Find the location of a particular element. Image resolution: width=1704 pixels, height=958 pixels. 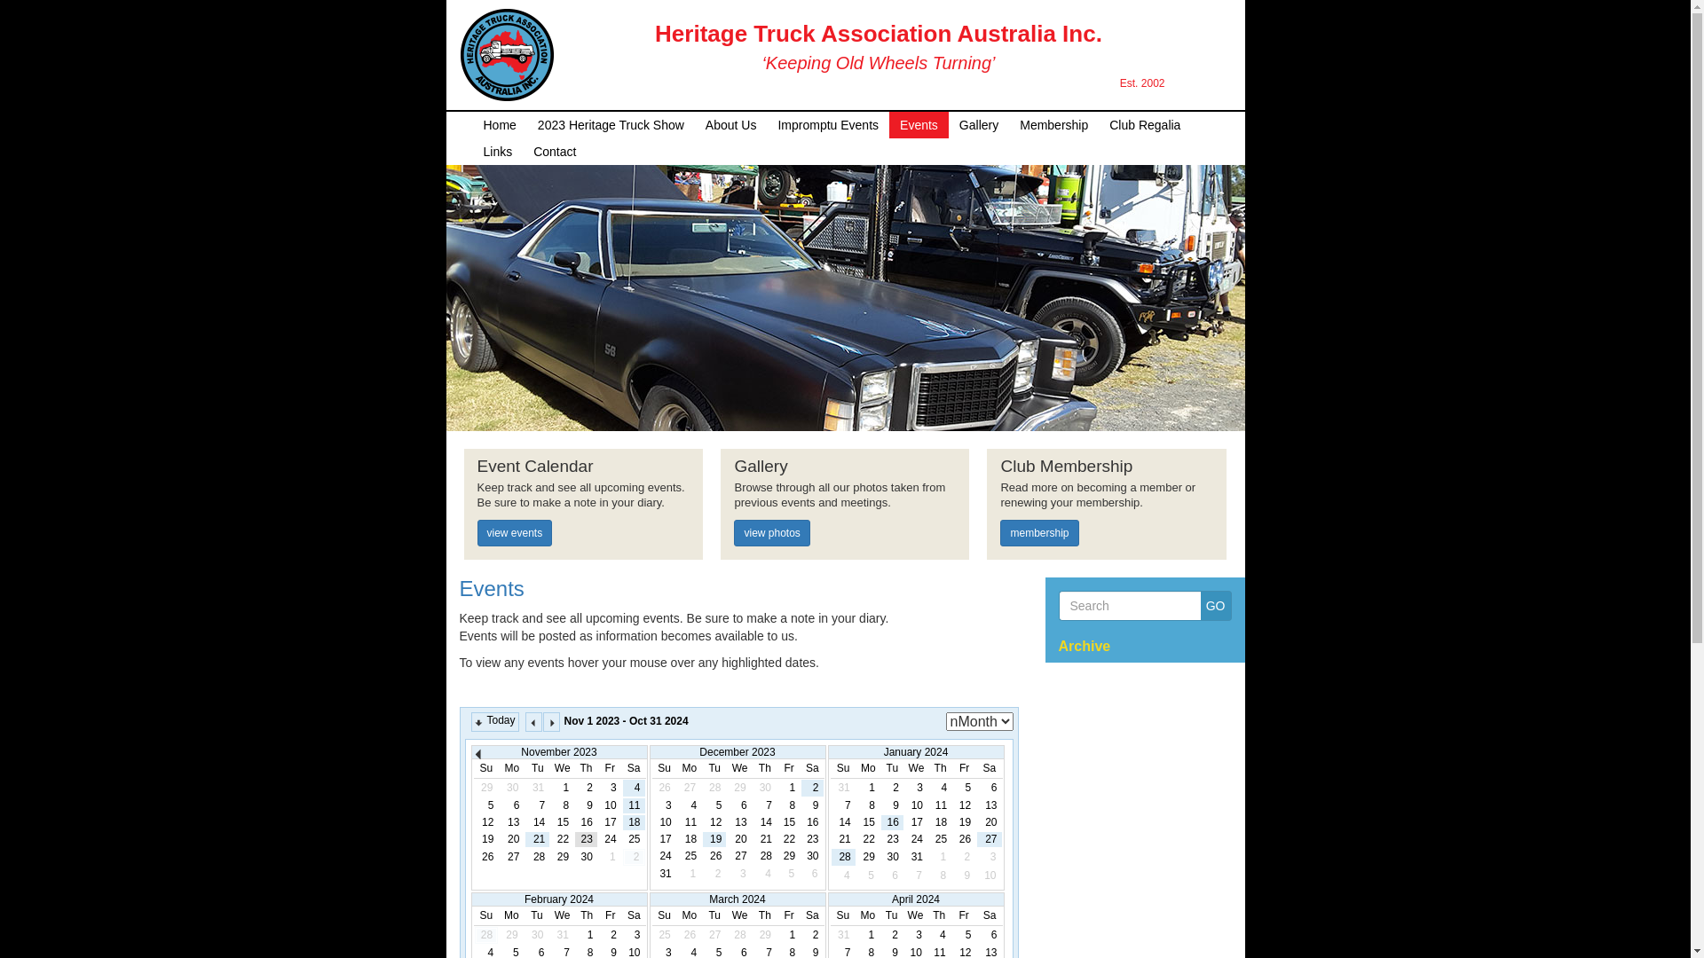

'11' is located at coordinates (689, 822).